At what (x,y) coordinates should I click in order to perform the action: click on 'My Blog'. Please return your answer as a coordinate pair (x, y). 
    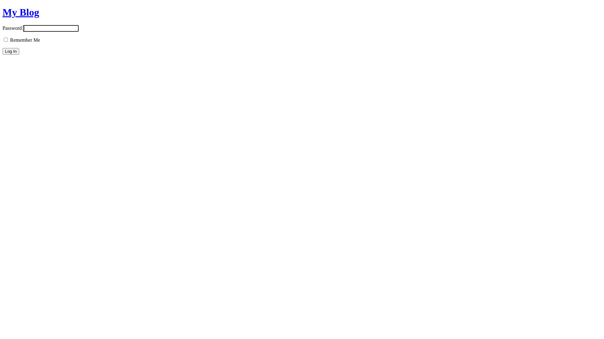
    Looking at the image, I should click on (21, 12).